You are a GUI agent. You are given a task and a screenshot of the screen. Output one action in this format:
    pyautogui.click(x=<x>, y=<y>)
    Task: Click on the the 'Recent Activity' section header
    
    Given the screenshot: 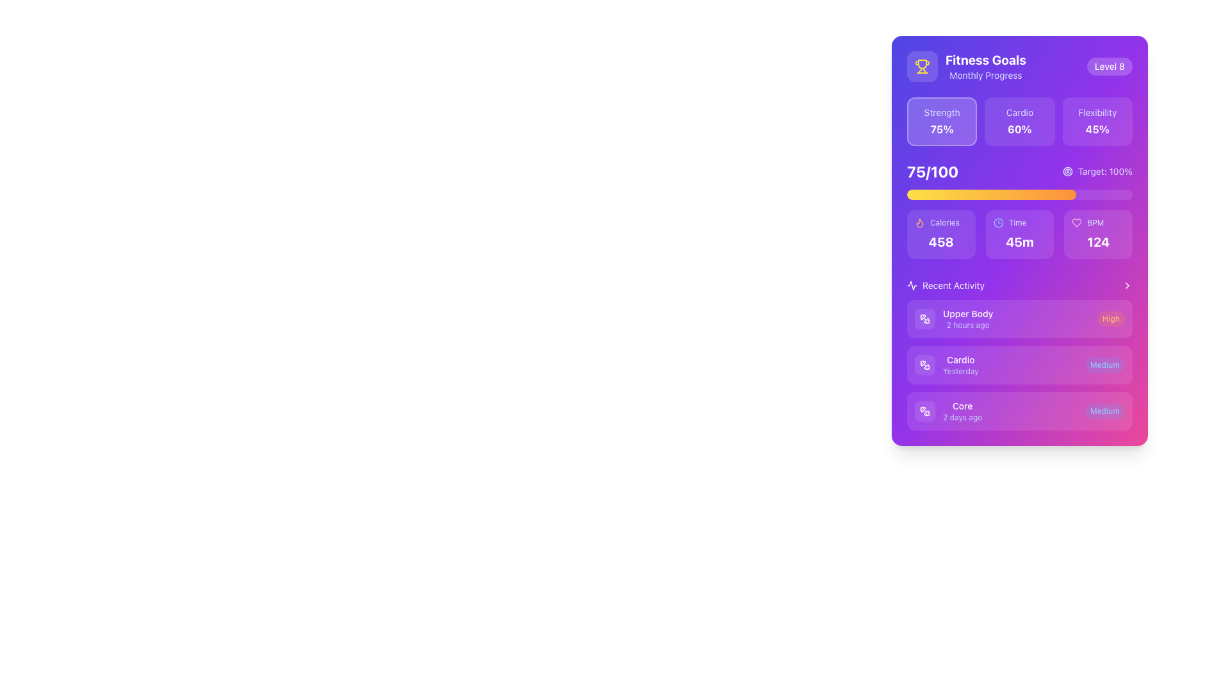 What is the action you would take?
    pyautogui.click(x=946, y=285)
    